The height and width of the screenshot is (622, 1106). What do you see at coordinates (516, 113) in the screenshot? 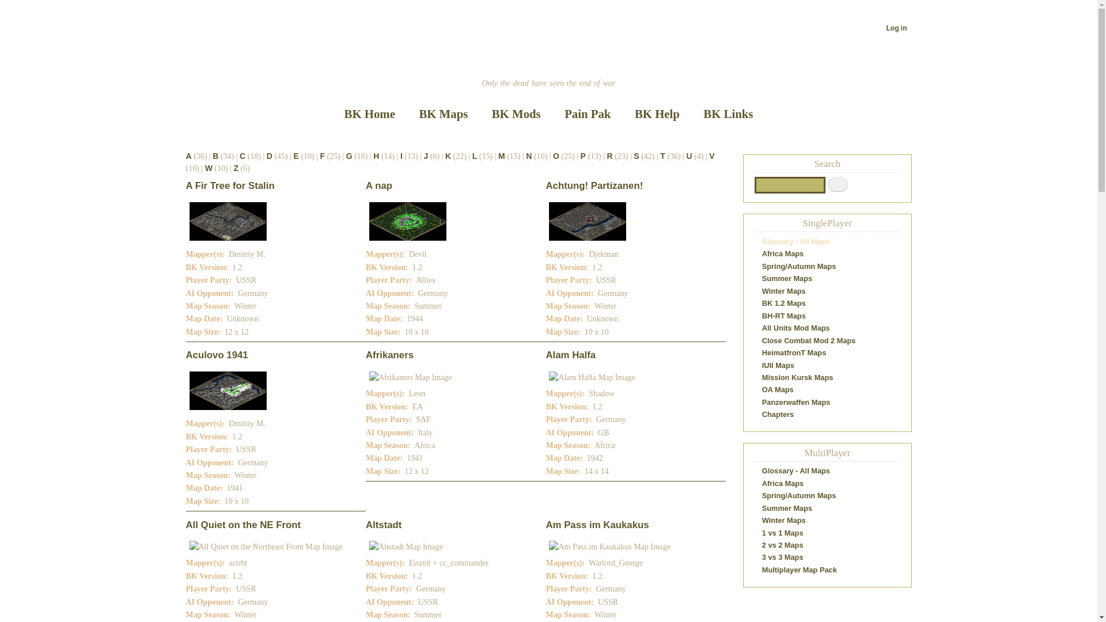
I see `'BK Mods'` at bounding box center [516, 113].